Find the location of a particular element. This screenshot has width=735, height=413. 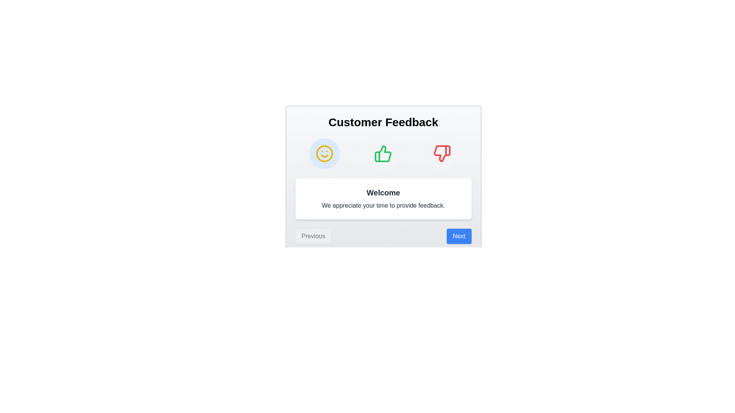

the 'Previous' button to navigate to the previous step is located at coordinates (313, 236).